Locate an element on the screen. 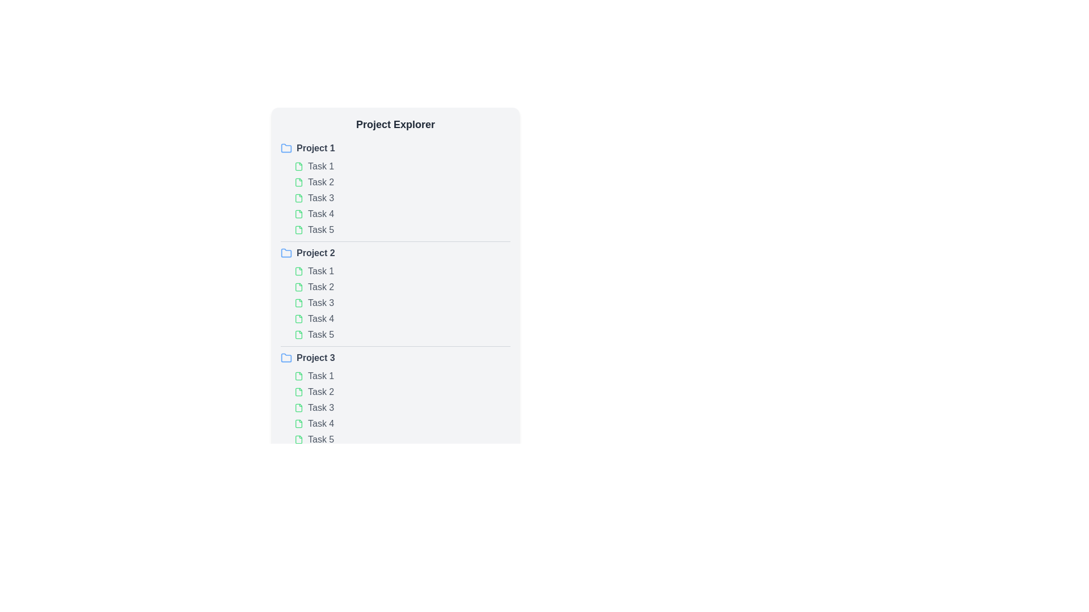 The height and width of the screenshot is (612, 1089). the first task entry in the 'Project 1' list is located at coordinates (402, 166).